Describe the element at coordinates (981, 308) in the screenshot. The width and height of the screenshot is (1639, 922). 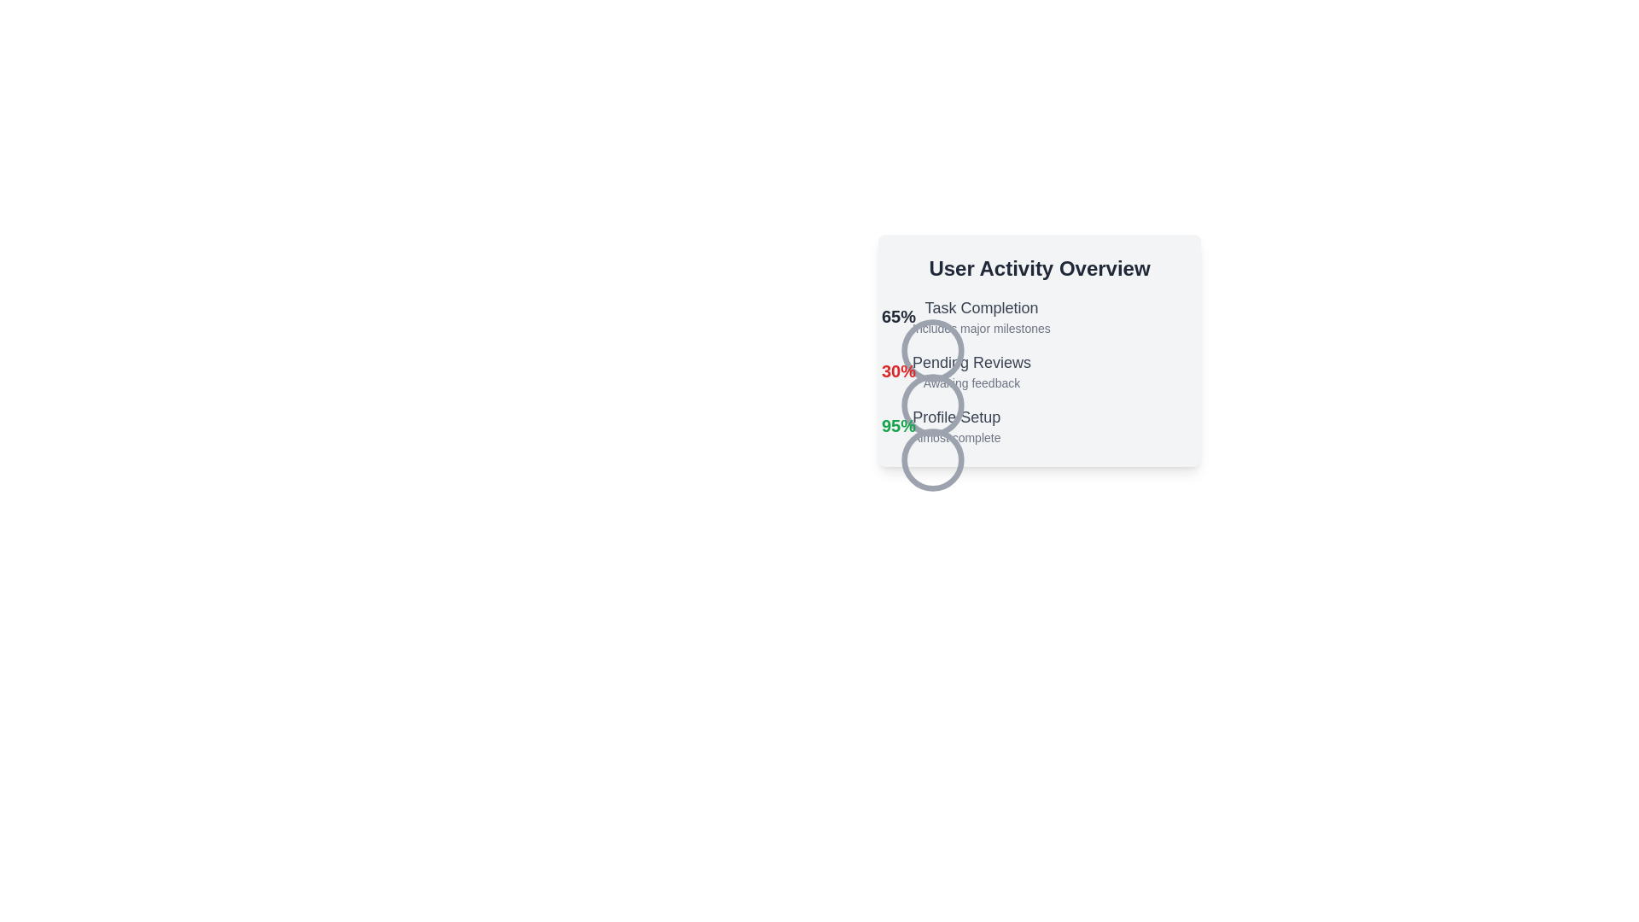
I see `the Text Label that describes the section for task completions, located above the description text 'Includes major milestones' in the 'User Activity Overview' section` at that location.